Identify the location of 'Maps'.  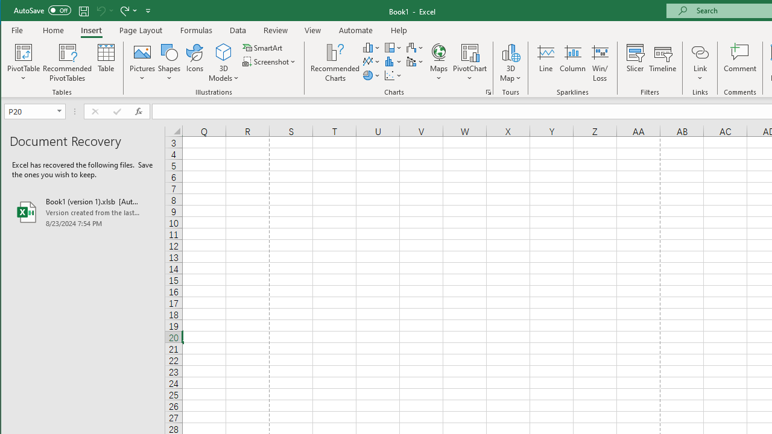
(438, 63).